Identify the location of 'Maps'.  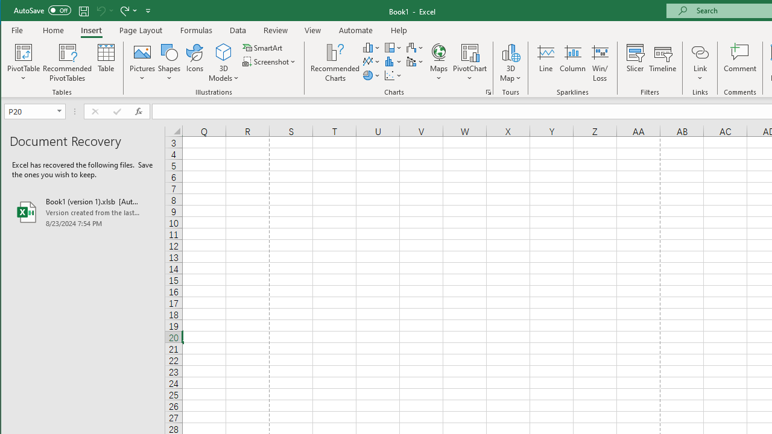
(438, 63).